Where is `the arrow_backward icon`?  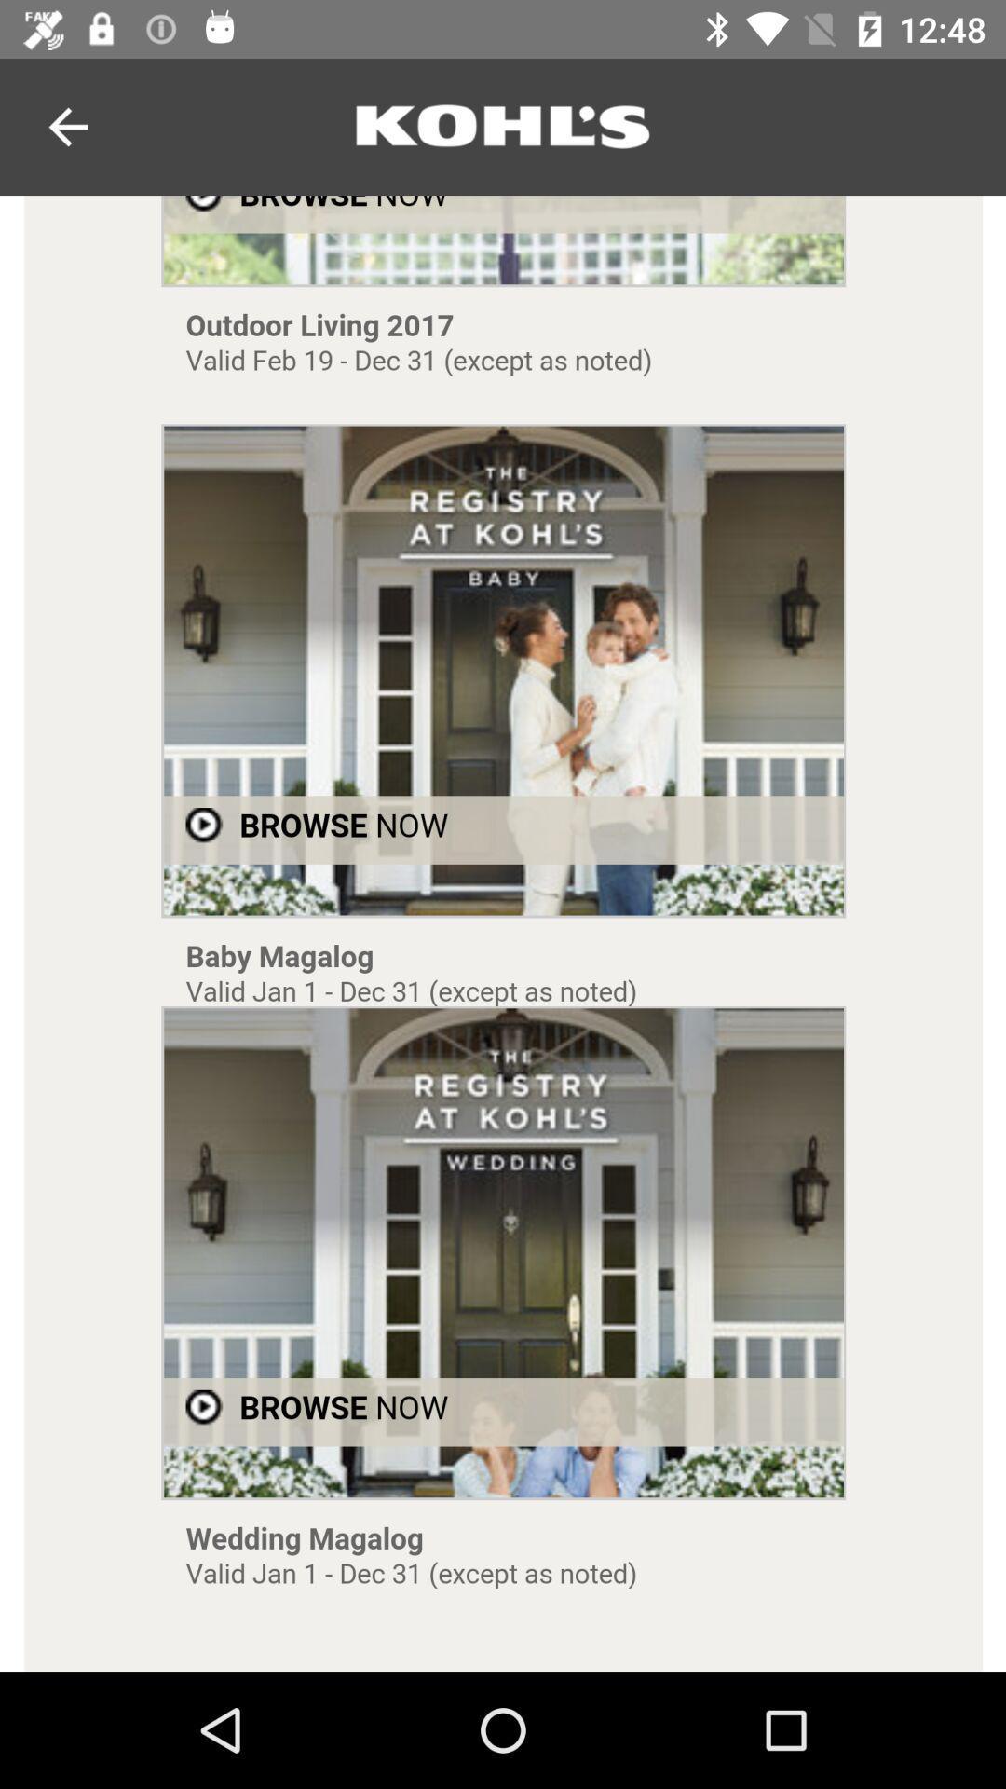 the arrow_backward icon is located at coordinates (67, 126).